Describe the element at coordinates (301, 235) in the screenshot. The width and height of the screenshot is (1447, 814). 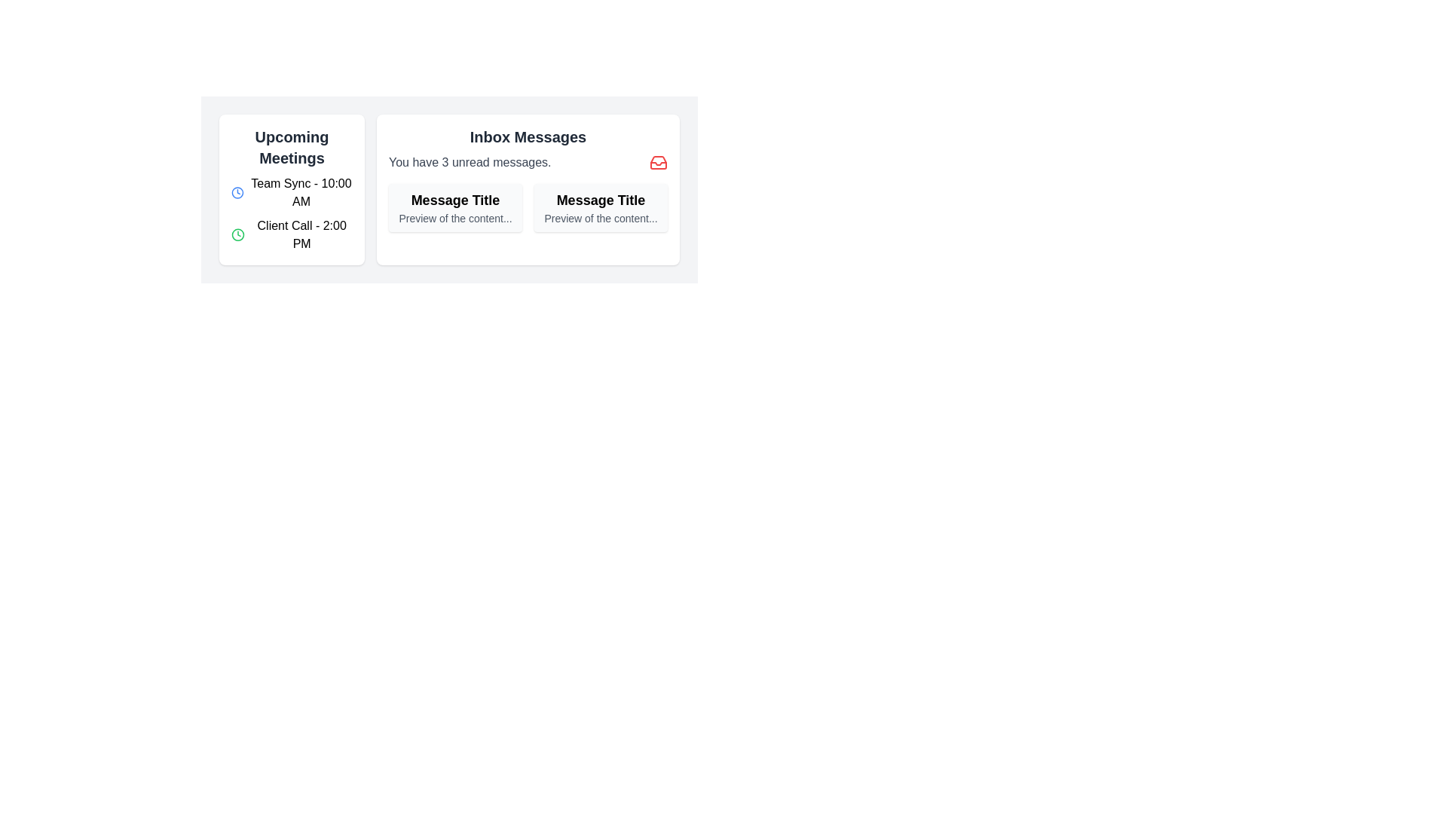
I see `the Text Label displaying details of the scheduled meeting, which is the second item under the 'Upcoming Meetings' section, located below the 'Team Sync - 10:00 AM' item, and aligned to the right of the green clock icon` at that location.